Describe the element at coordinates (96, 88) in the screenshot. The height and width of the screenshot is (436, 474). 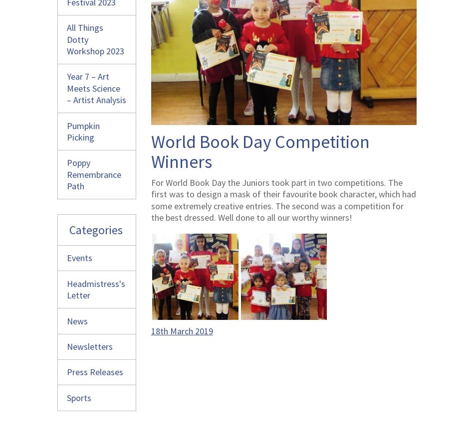
I see `'Year 7 – Art Meets Science – Artist Analysis'` at that location.